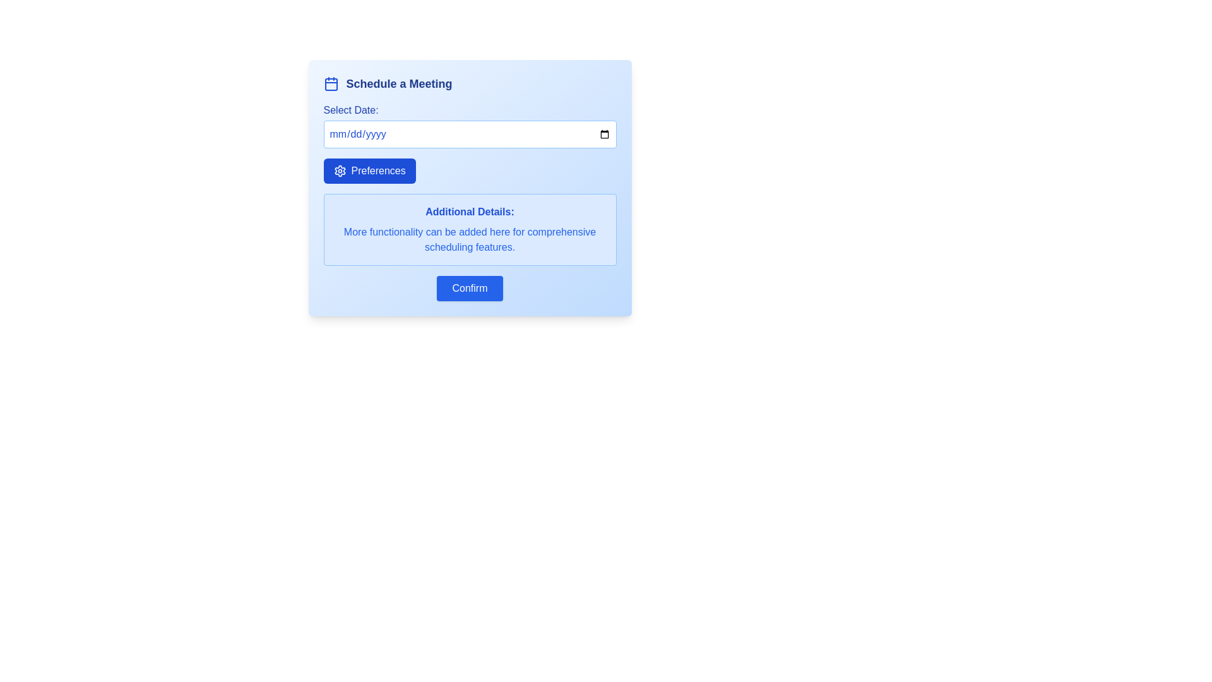 The width and height of the screenshot is (1212, 682). I want to click on the 'Confirm' button with a blue background and white text, located near the bottom of the 'Schedule a Meeting' panel, just below 'Additional Details', so click(469, 288).